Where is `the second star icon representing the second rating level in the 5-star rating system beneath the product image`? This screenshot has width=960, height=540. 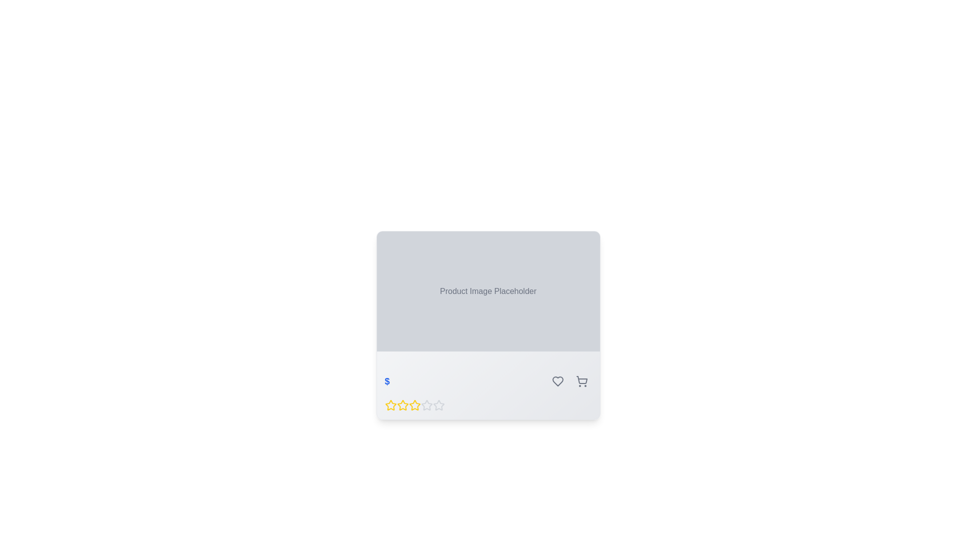
the second star icon representing the second rating level in the 5-star rating system beneath the product image is located at coordinates (414, 405).